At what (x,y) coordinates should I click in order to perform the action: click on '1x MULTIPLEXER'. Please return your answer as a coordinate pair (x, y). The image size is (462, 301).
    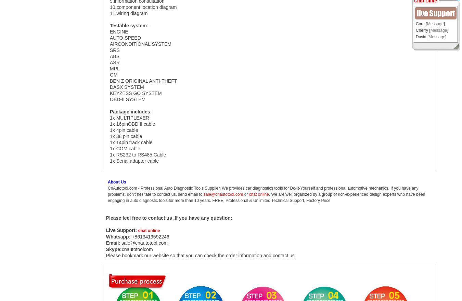
    Looking at the image, I should click on (130, 117).